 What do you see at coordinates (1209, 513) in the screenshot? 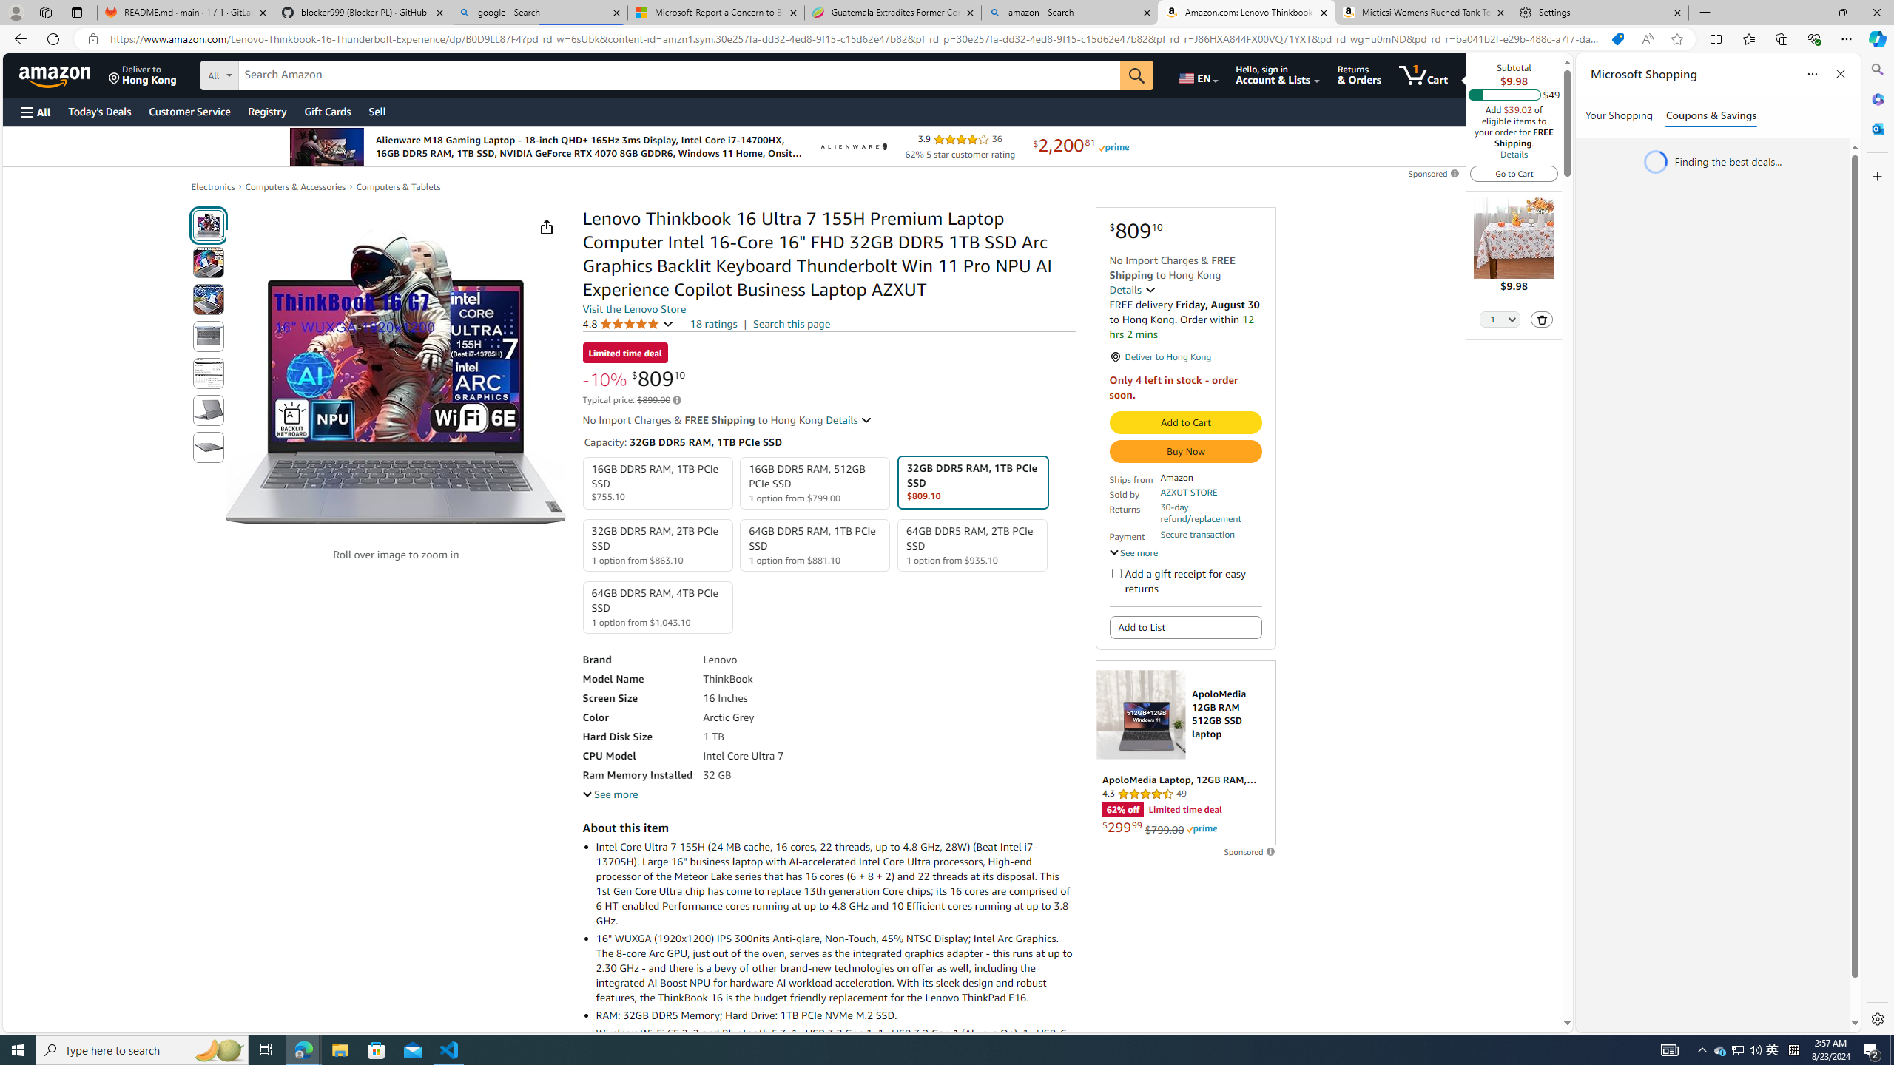
I see `'30-day refund/replacement'` at bounding box center [1209, 513].